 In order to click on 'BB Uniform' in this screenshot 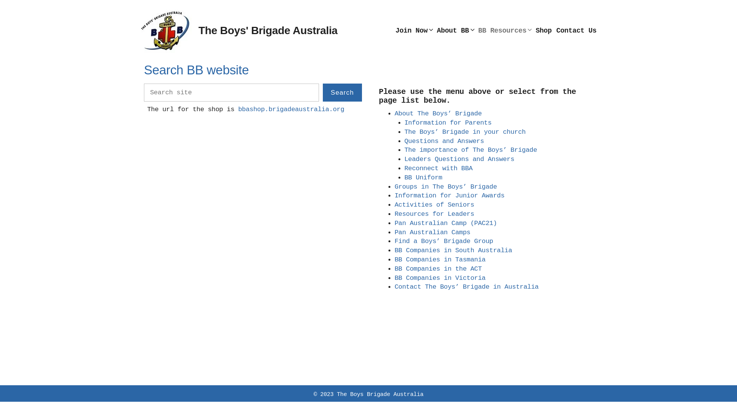, I will do `click(423, 177)`.